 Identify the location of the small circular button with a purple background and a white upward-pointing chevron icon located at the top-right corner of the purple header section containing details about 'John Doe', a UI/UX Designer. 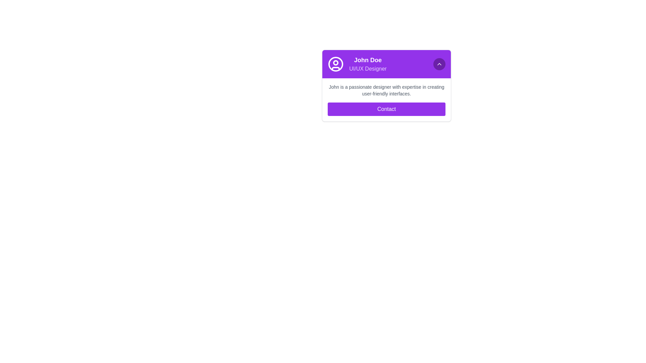
(439, 64).